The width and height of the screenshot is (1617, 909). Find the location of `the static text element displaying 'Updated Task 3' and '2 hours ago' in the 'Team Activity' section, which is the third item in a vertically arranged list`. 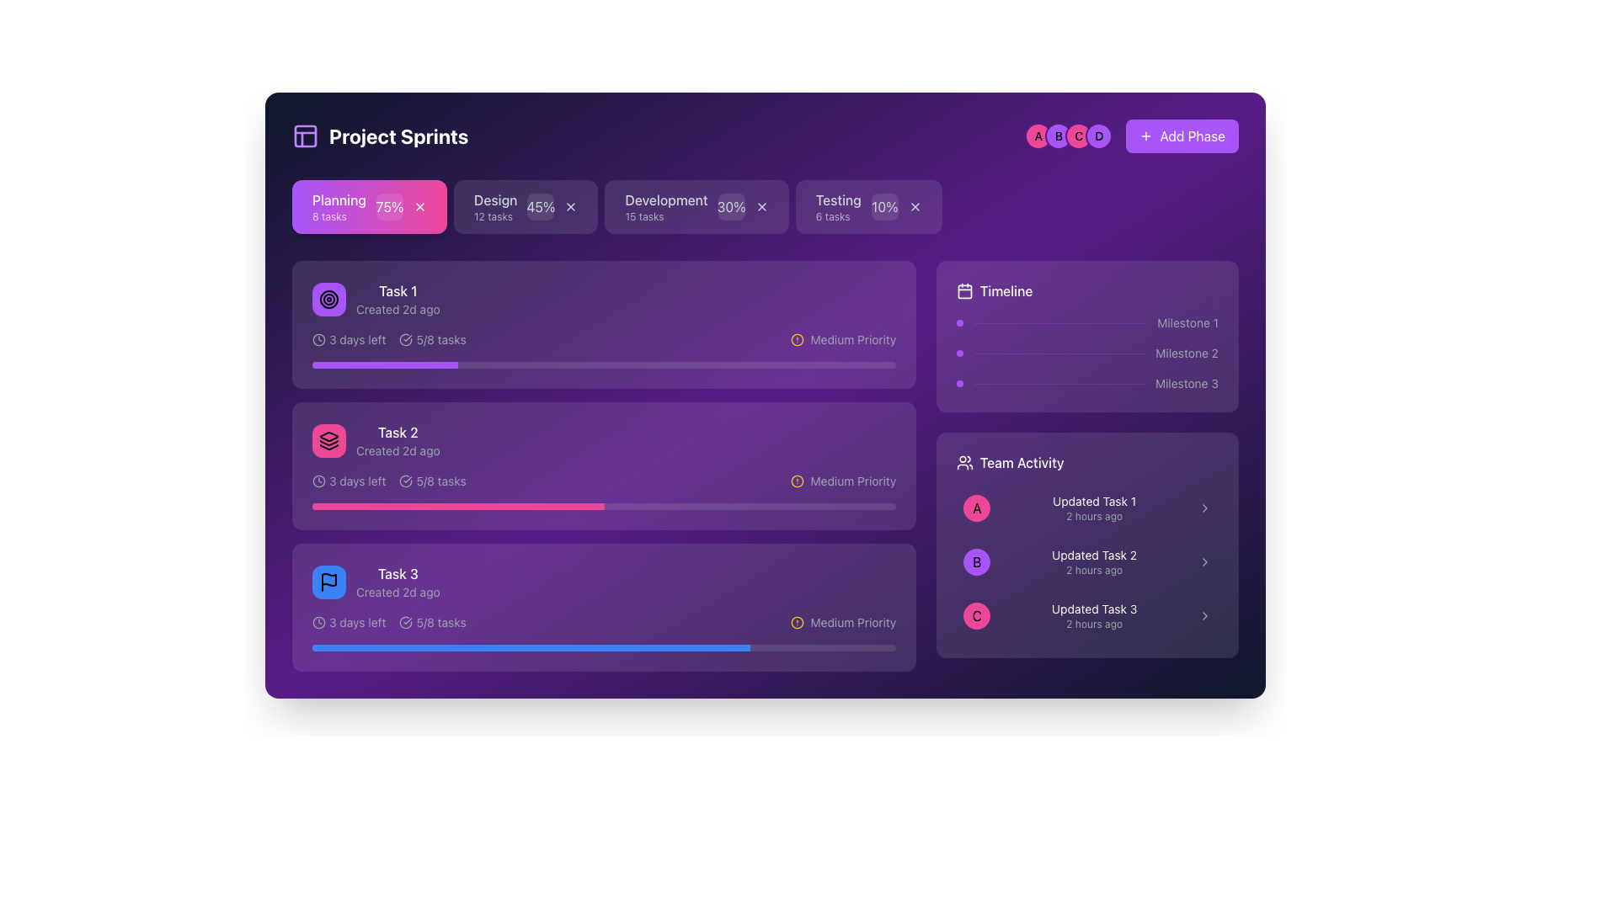

the static text element displaying 'Updated Task 3' and '2 hours ago' in the 'Team Activity' section, which is the third item in a vertically arranged list is located at coordinates (1094, 616).